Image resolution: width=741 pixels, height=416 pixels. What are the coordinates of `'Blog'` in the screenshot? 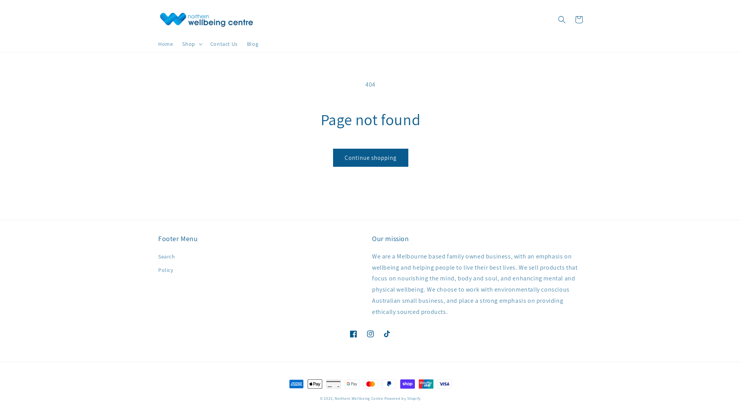 It's located at (252, 43).